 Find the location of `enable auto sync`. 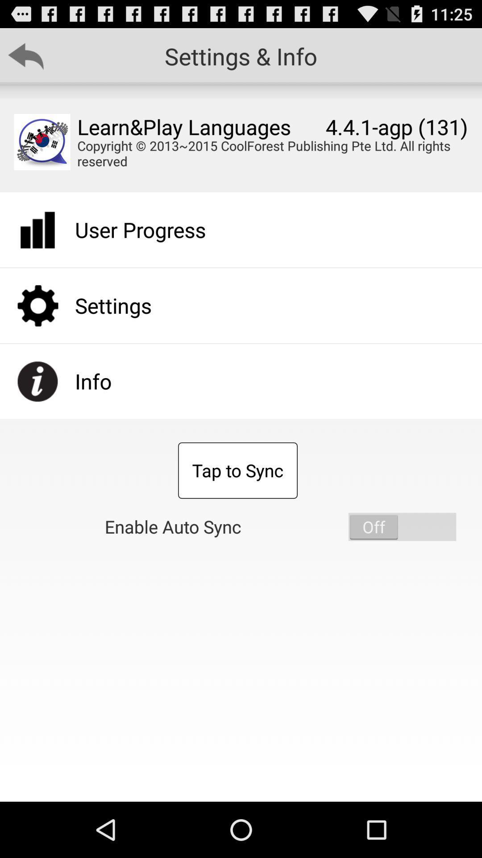

enable auto sync is located at coordinates (402, 527).